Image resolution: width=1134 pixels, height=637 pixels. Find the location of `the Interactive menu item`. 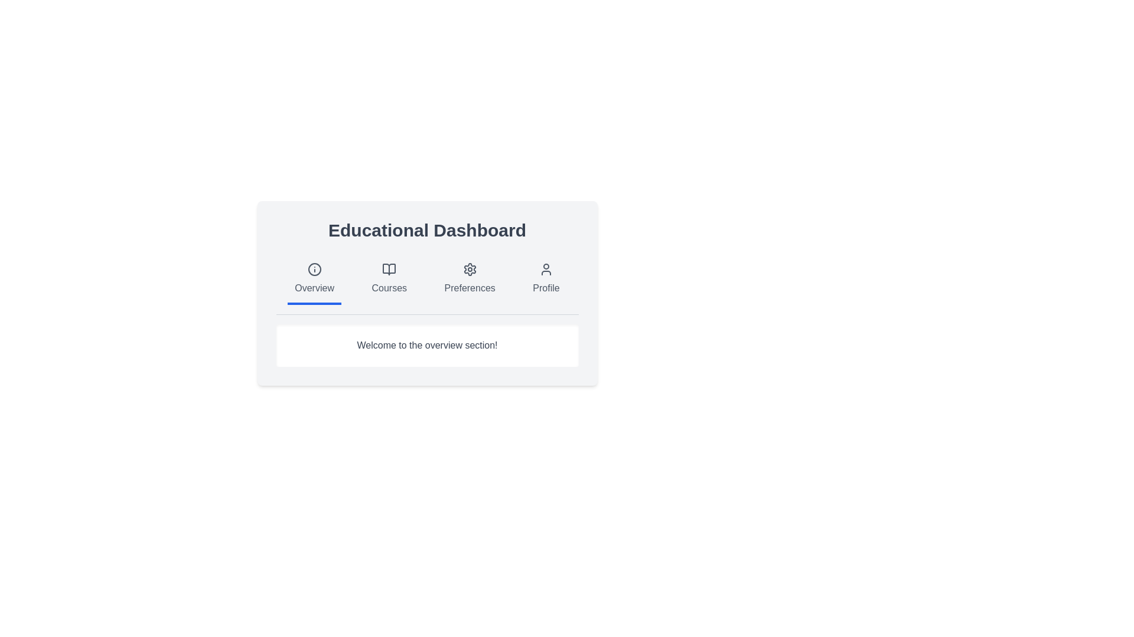

the Interactive menu item is located at coordinates (546, 280).